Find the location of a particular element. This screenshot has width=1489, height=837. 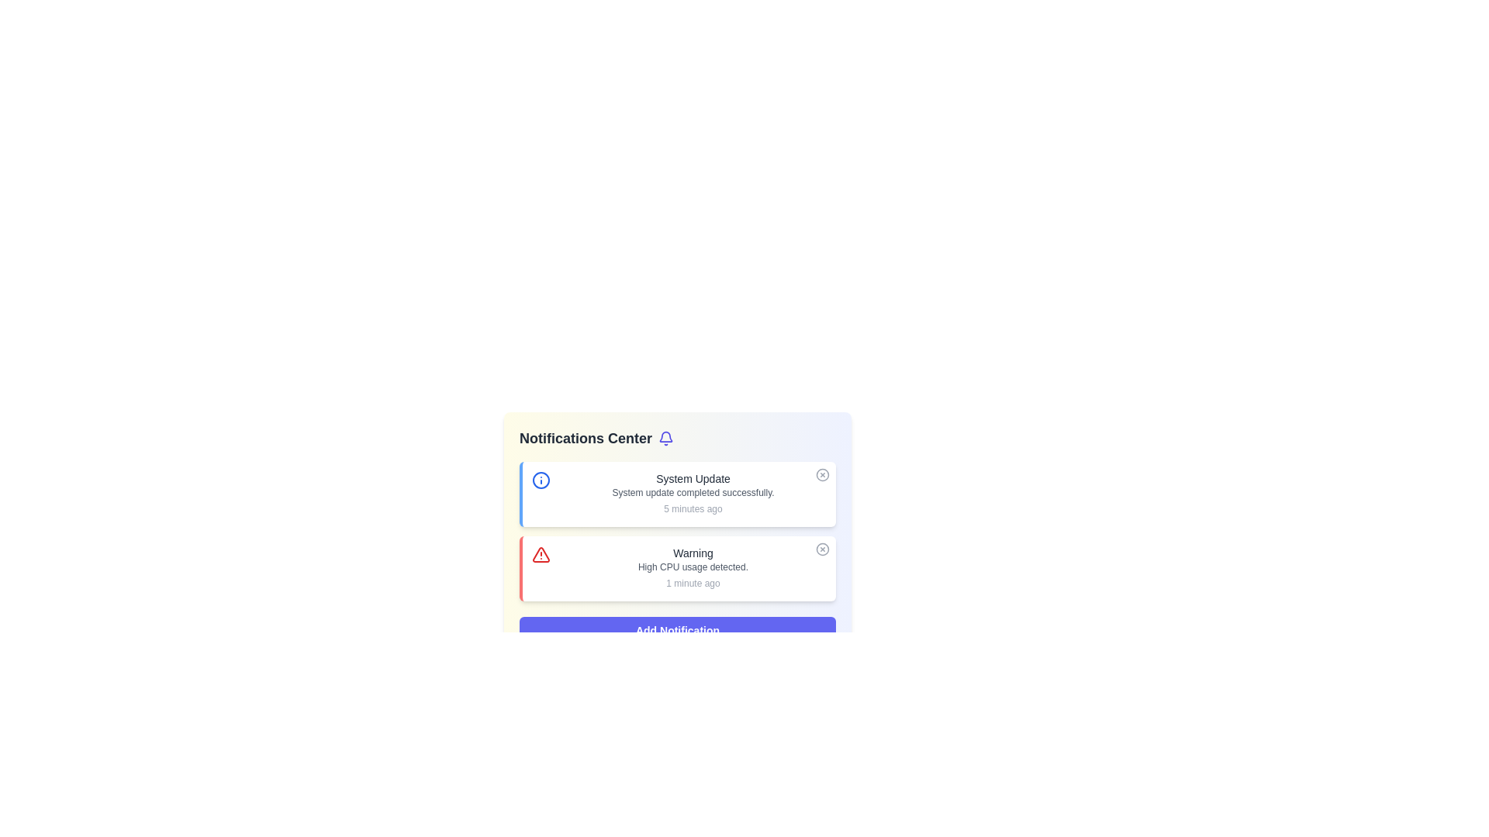

the second notification card in the Notifications Center that displays a high CPU usage alert, located below the blue-bordered System Update notification is located at coordinates (692, 568).